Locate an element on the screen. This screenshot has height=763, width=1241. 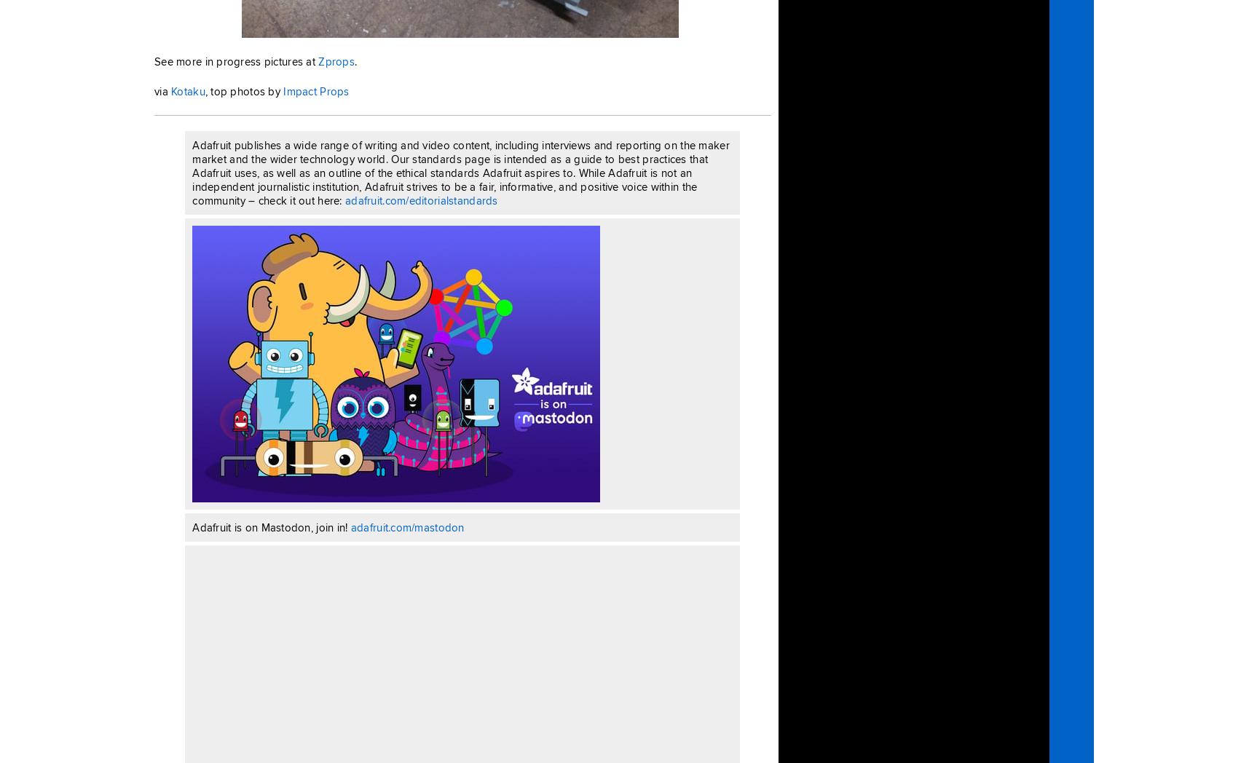
'Impact Props' is located at coordinates (316, 90).